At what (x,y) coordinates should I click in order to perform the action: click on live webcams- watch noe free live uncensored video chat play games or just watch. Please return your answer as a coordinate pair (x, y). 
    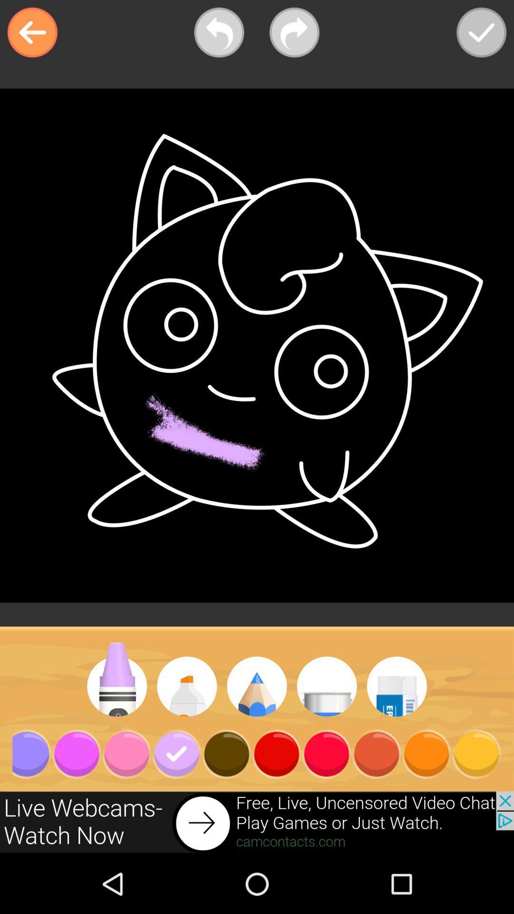
    Looking at the image, I should click on (257, 822).